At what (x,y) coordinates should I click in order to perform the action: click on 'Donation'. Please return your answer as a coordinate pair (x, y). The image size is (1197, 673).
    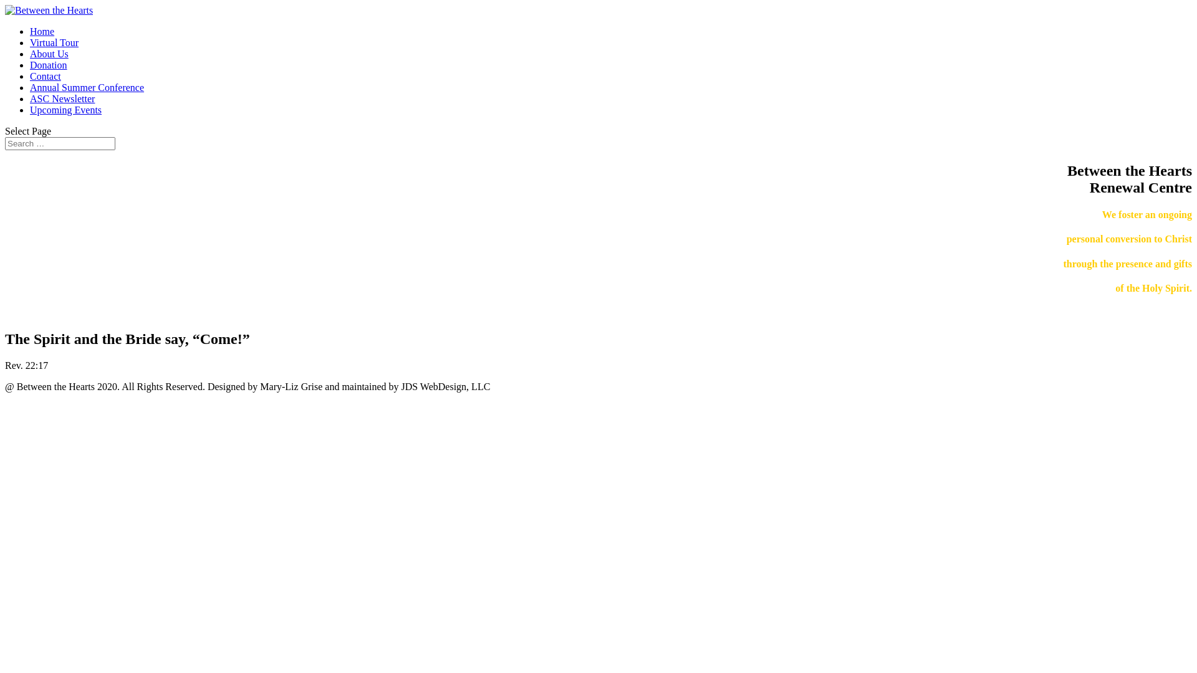
    Looking at the image, I should click on (48, 65).